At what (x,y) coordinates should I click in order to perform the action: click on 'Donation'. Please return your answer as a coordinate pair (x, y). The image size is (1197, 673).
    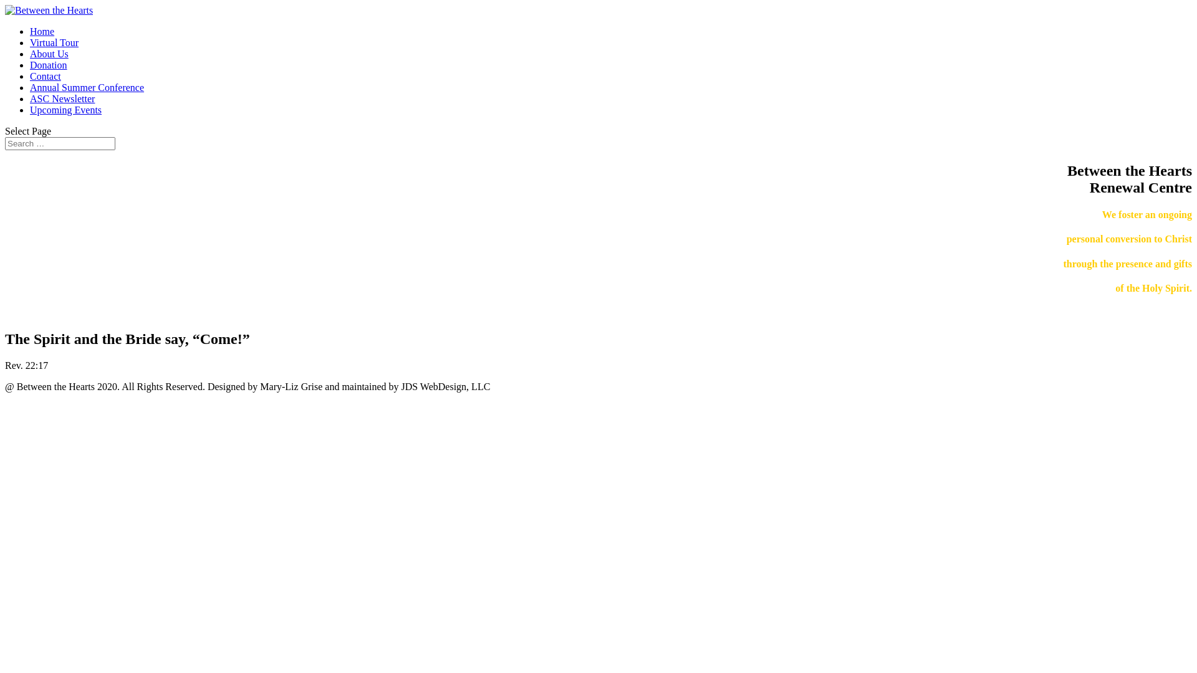
    Looking at the image, I should click on (48, 65).